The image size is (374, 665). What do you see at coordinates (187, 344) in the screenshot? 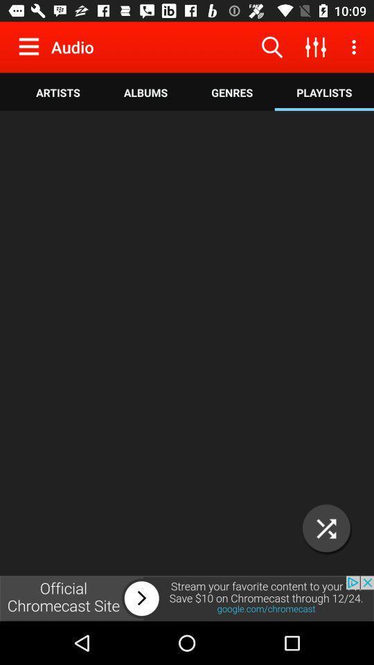
I see `advertisement` at bounding box center [187, 344].